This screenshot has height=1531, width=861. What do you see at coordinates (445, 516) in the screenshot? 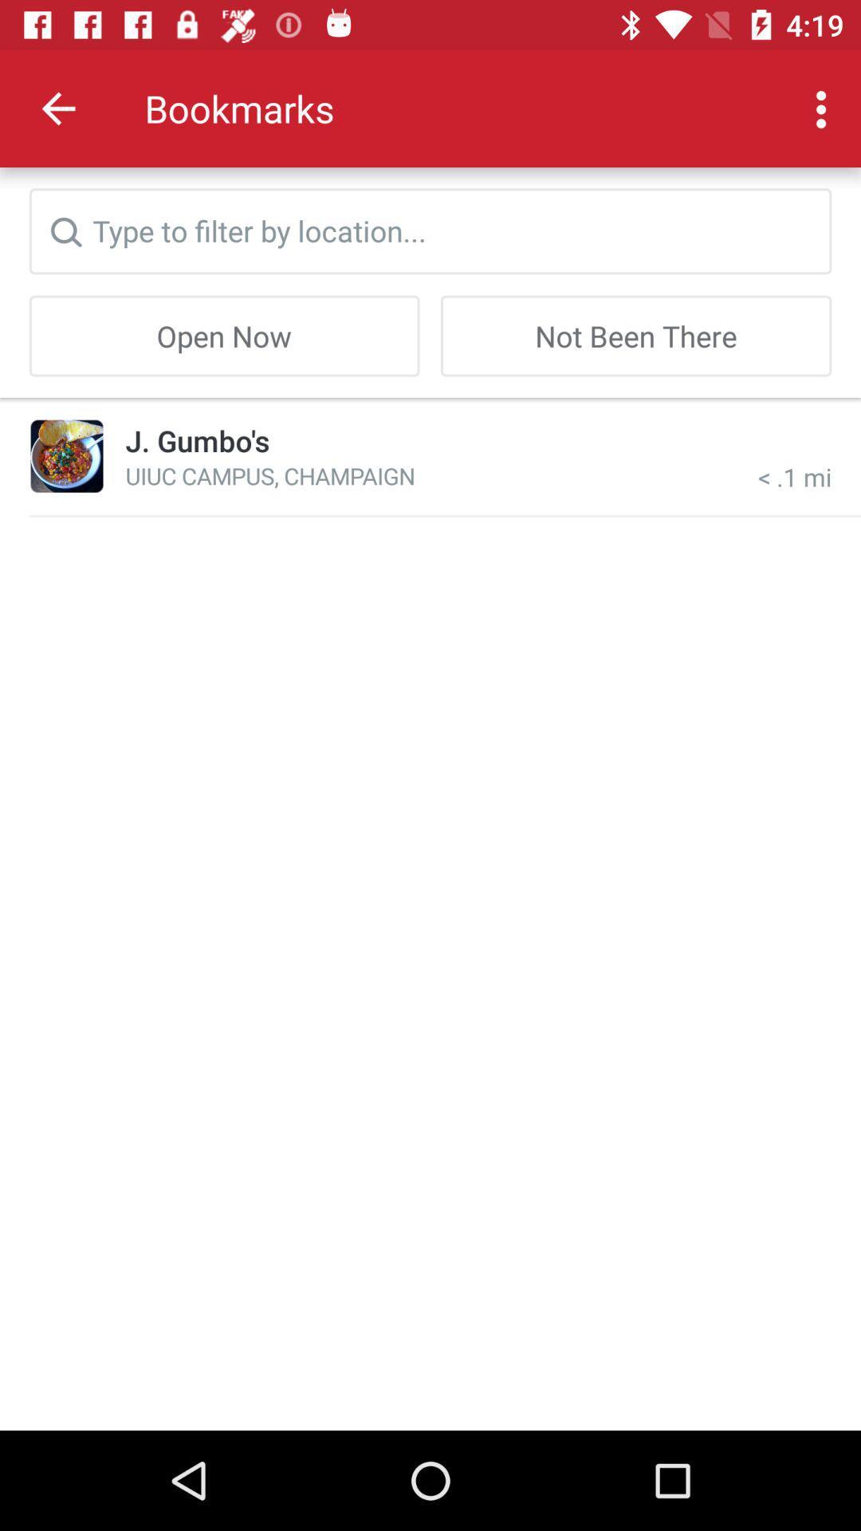
I see `the item below the < .1 mi item` at bounding box center [445, 516].